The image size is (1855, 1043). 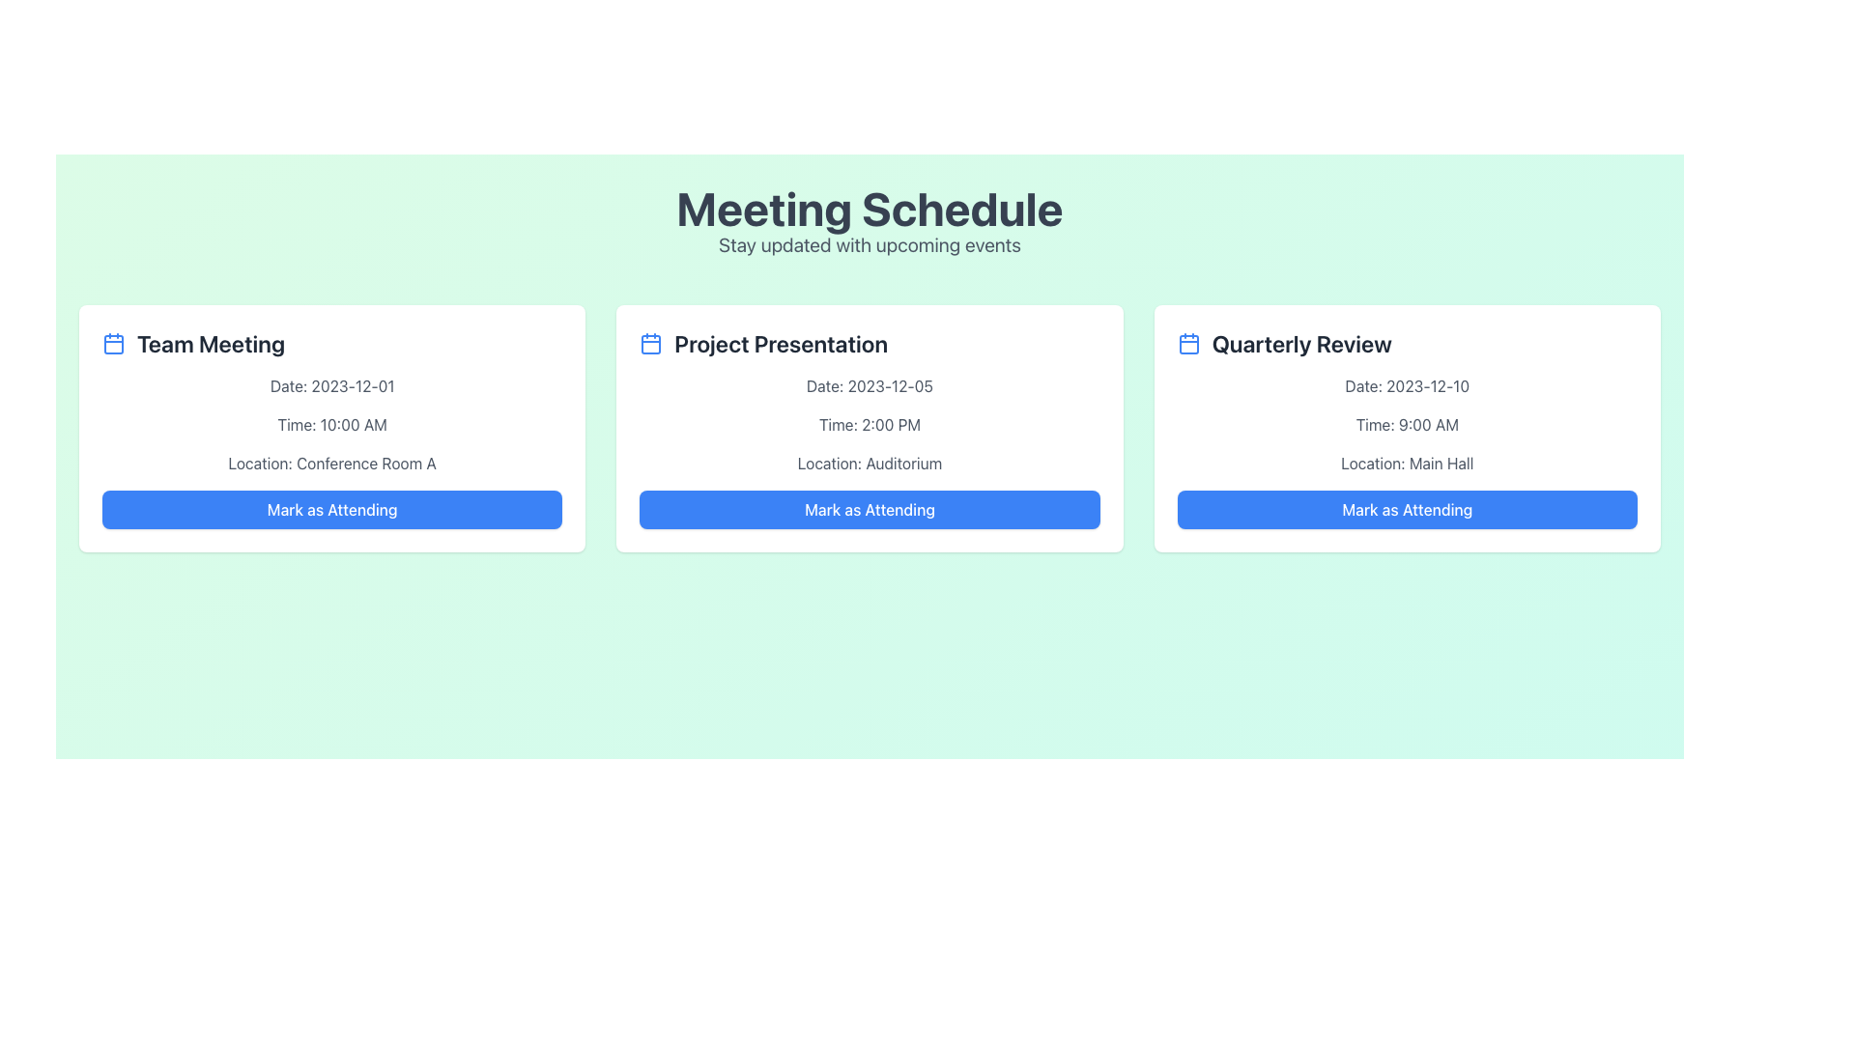 What do you see at coordinates (651, 342) in the screenshot?
I see `the blue minimalist calendar icon located in the central card above the text 'Project Presentation' in the 'Meeting Schedule' section` at bounding box center [651, 342].